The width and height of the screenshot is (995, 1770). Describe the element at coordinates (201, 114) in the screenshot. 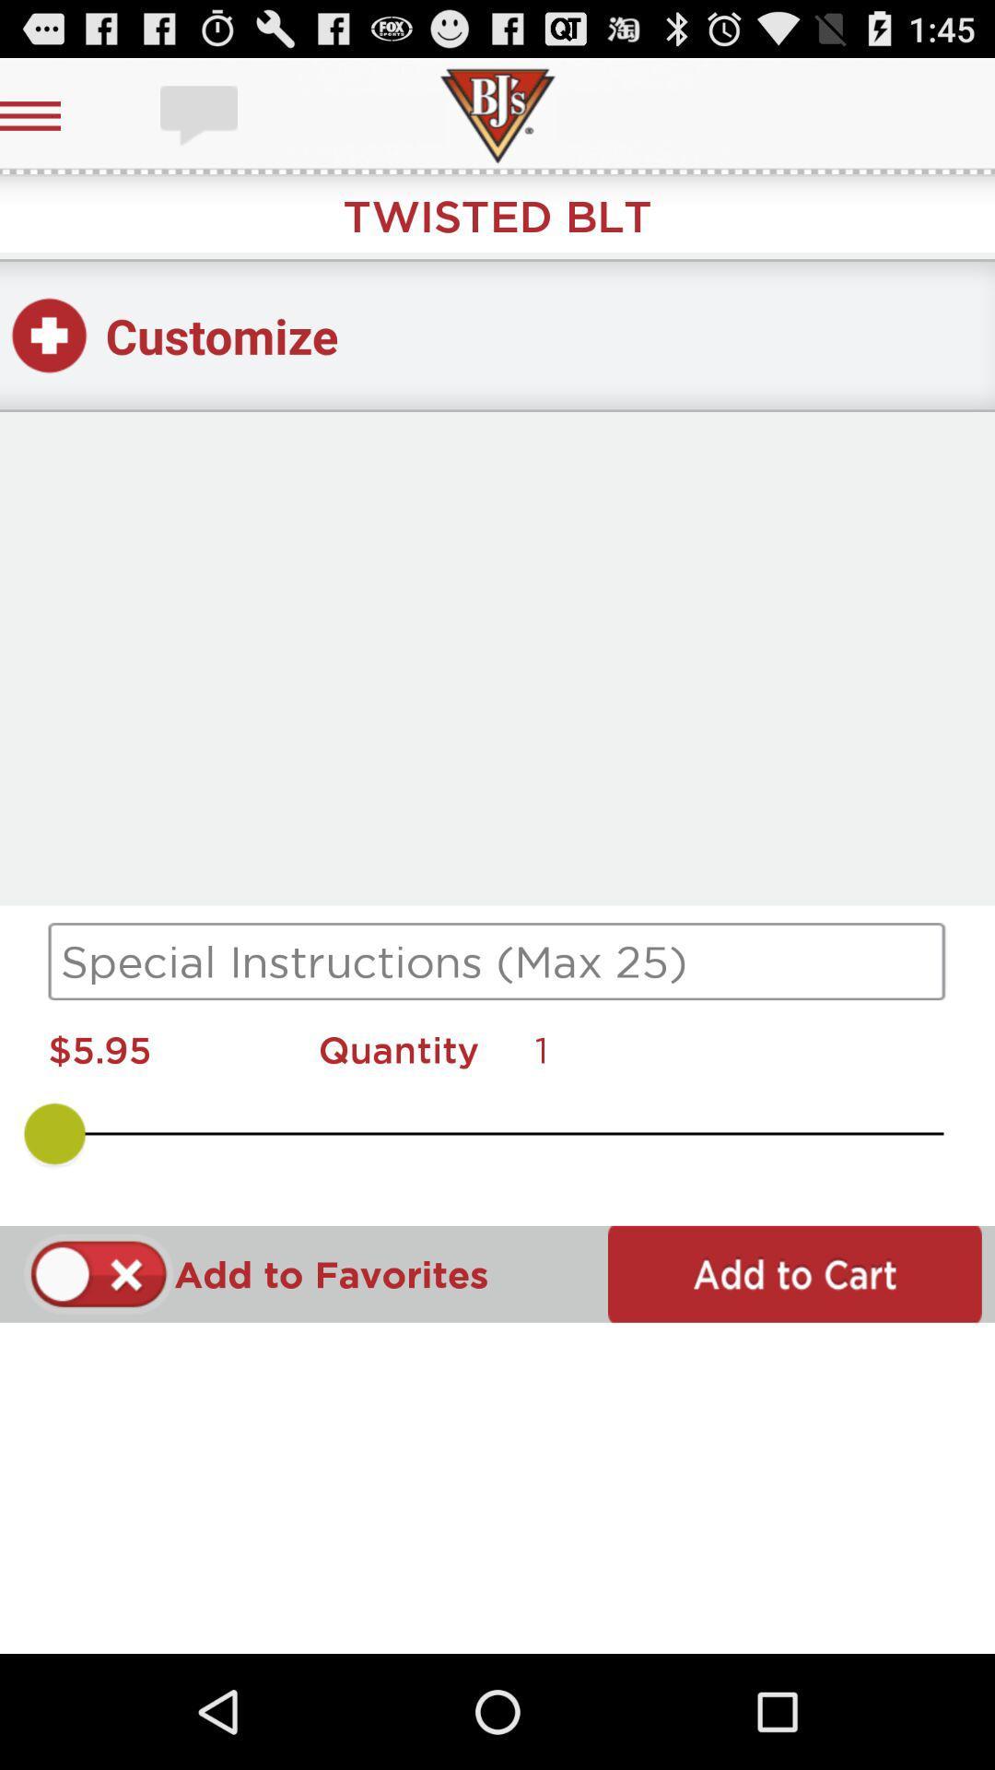

I see `chat` at that location.